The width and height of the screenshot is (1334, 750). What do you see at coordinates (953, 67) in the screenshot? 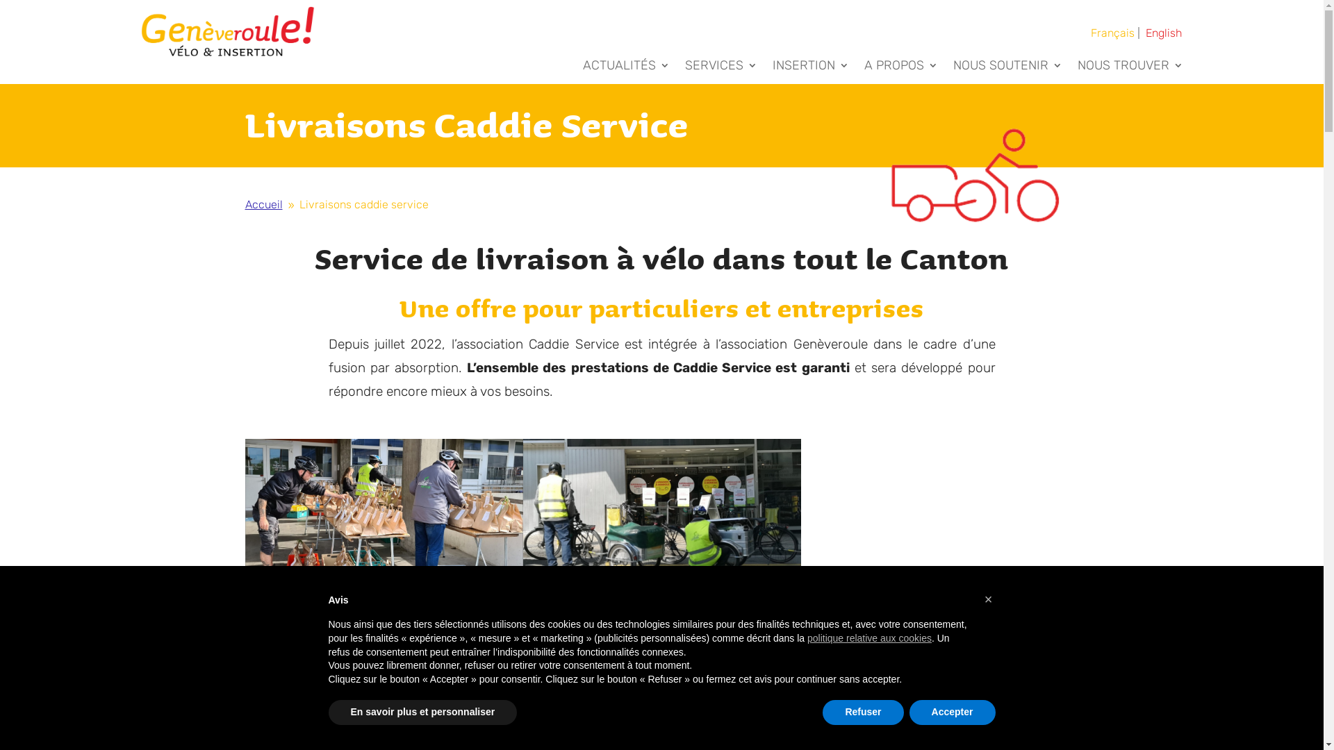
I see `'NOUS SOUTENIR'` at bounding box center [953, 67].